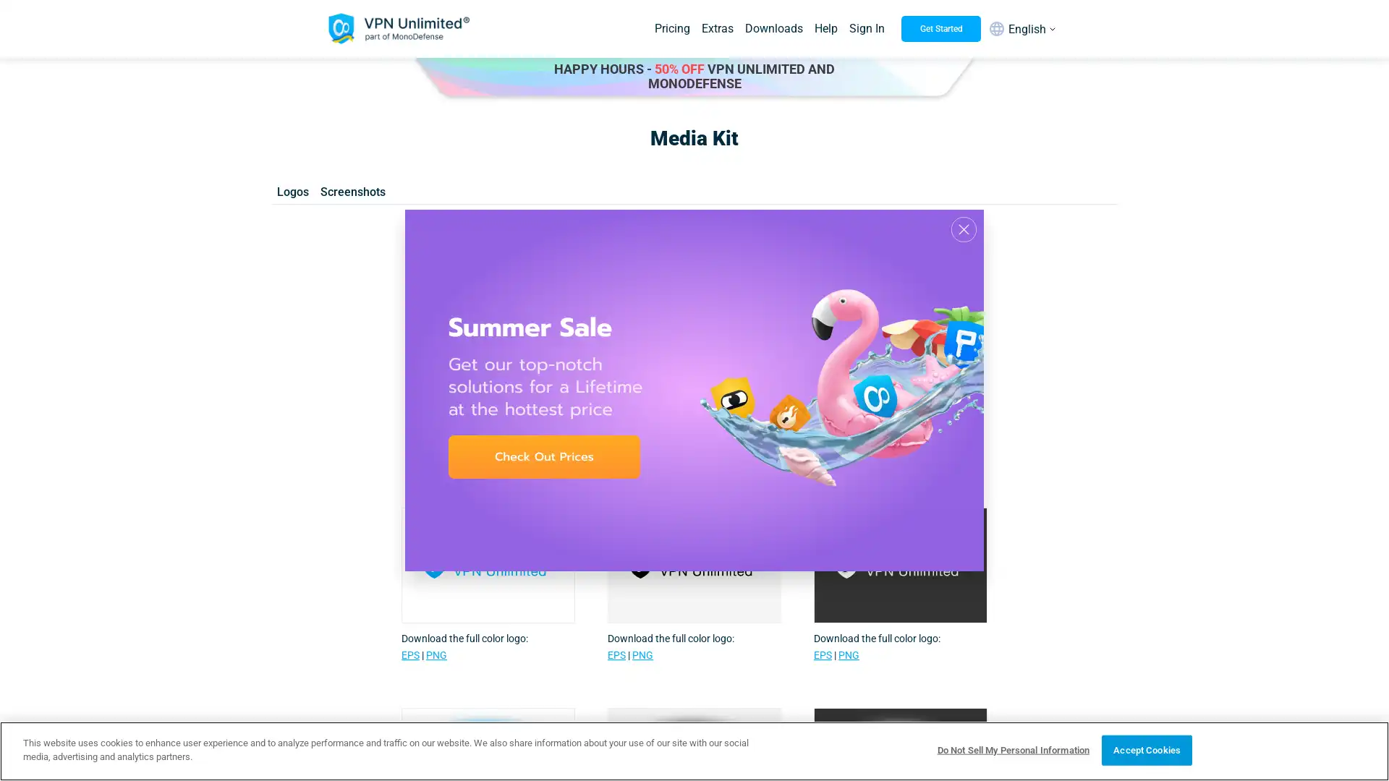 This screenshot has height=781, width=1389. Describe the element at coordinates (1012, 749) in the screenshot. I see `Do Not Sell My Personal Information` at that location.